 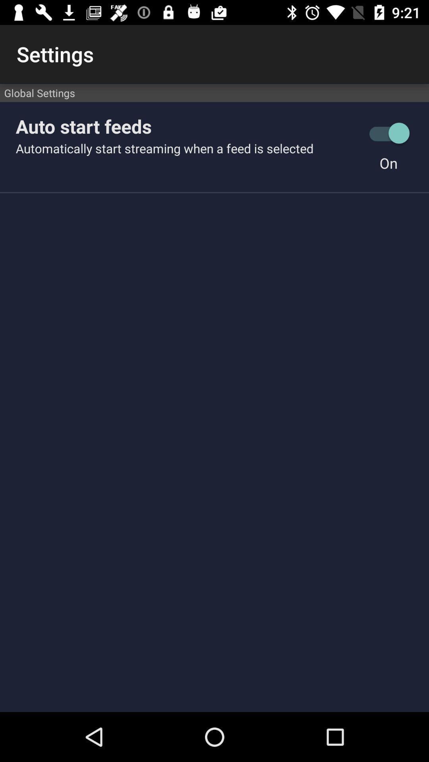 I want to click on auto start feeds, so click(x=187, y=126).